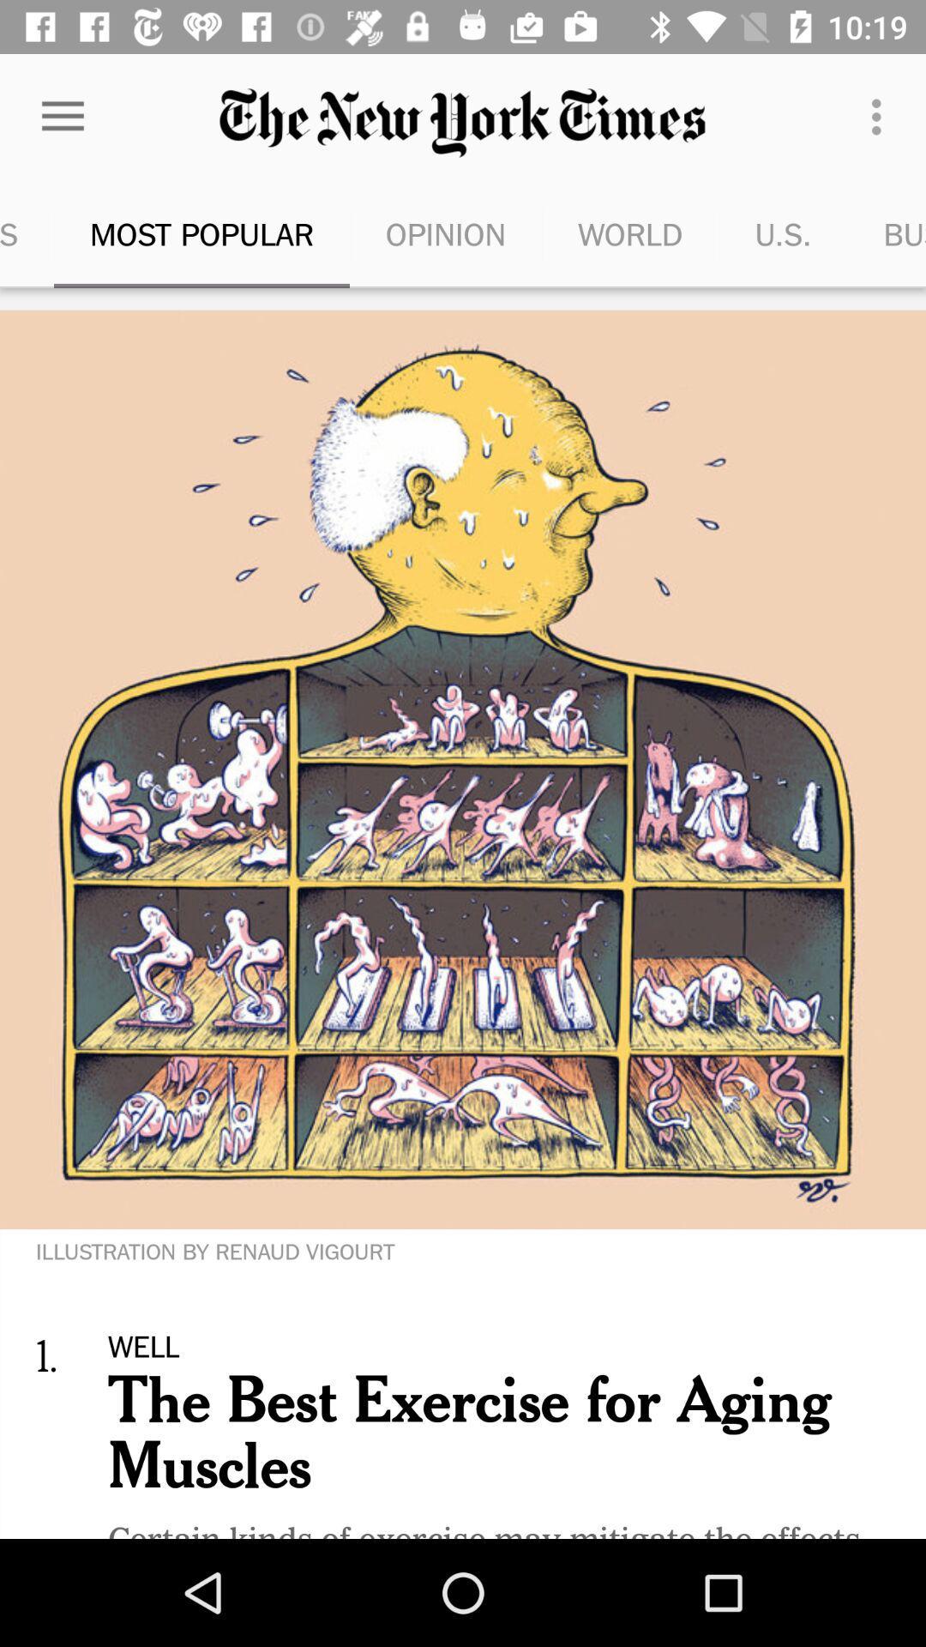  What do you see at coordinates (784, 233) in the screenshot?
I see `us` at bounding box center [784, 233].